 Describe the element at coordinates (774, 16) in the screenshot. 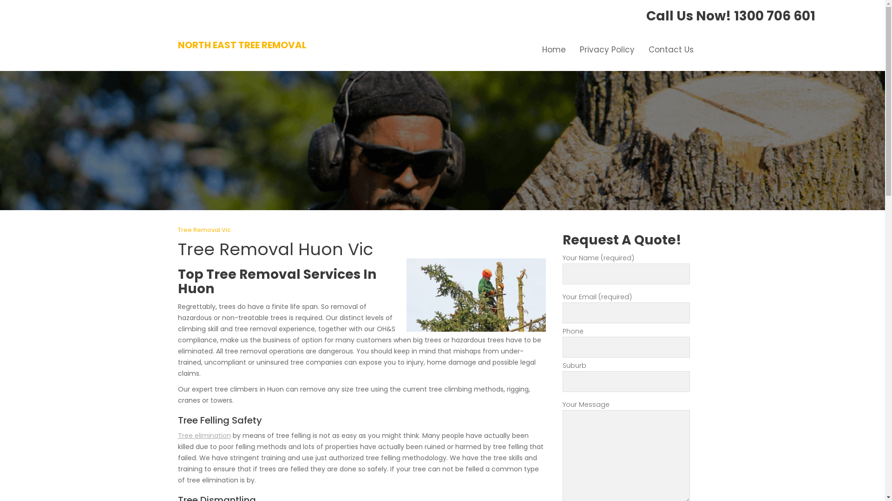

I see `'1300 706 601'` at that location.